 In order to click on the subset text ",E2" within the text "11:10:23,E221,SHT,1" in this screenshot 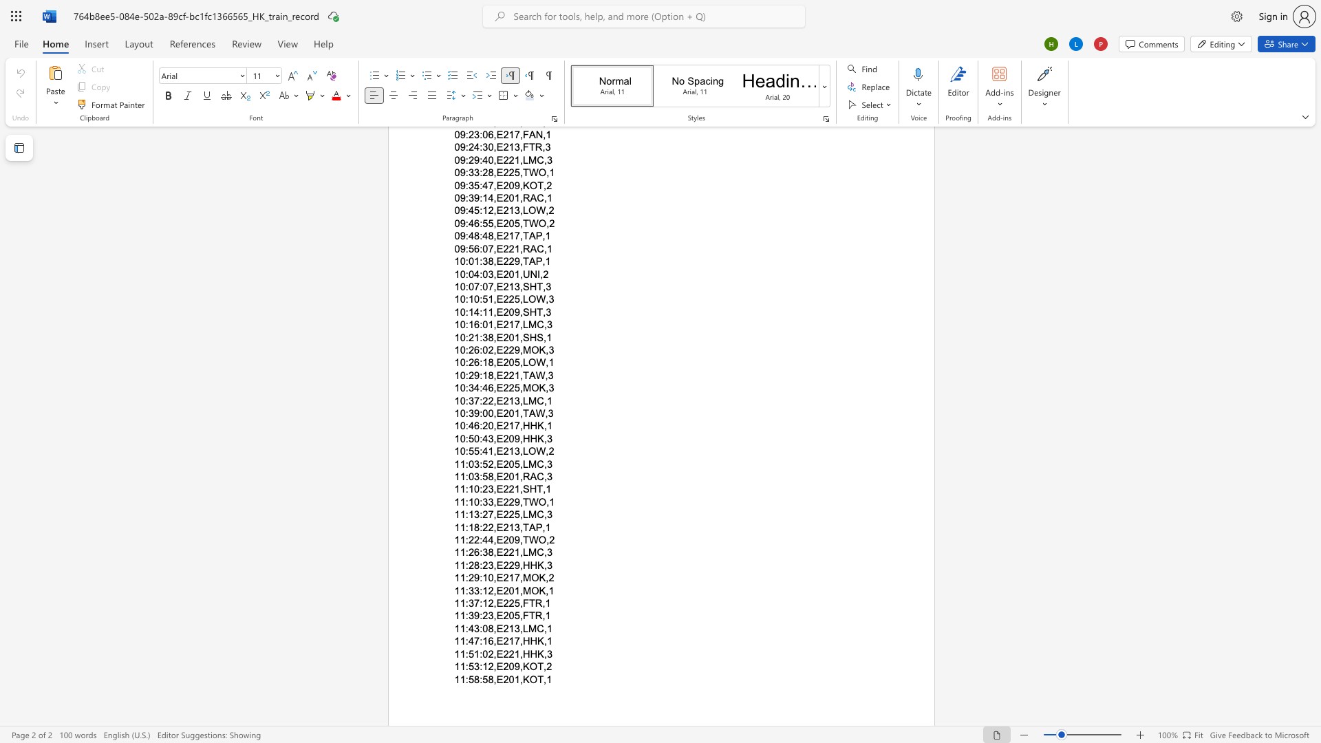, I will do `click(493, 488)`.